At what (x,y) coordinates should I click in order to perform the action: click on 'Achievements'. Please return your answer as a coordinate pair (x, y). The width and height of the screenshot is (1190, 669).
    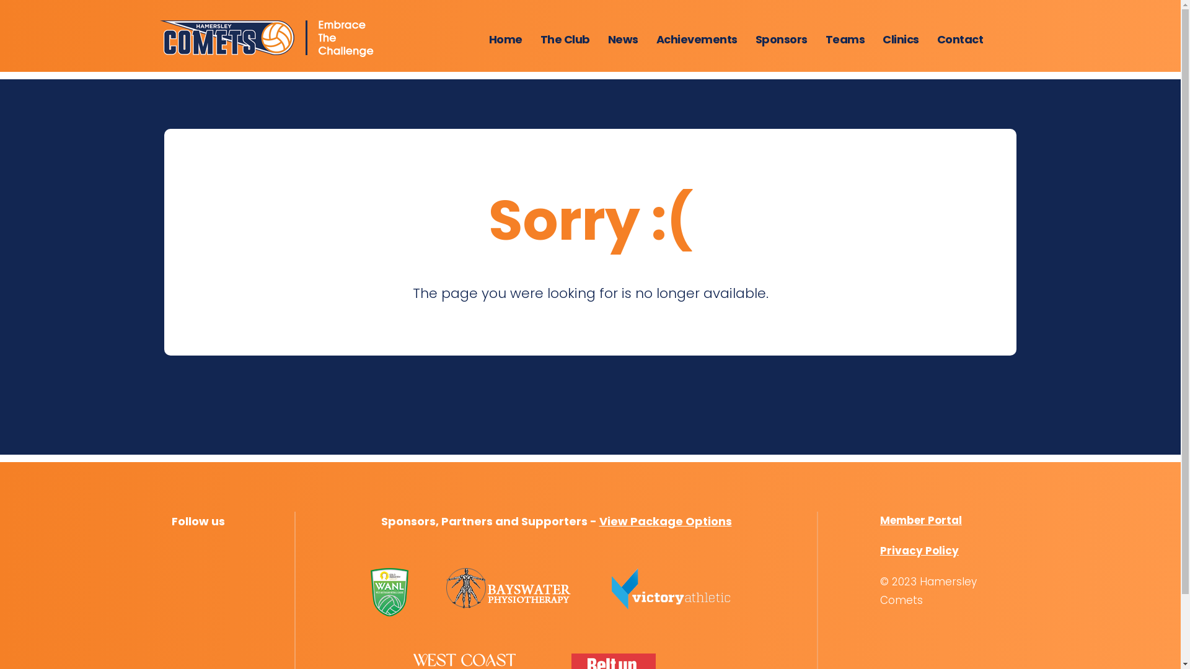
    Looking at the image, I should click on (696, 38).